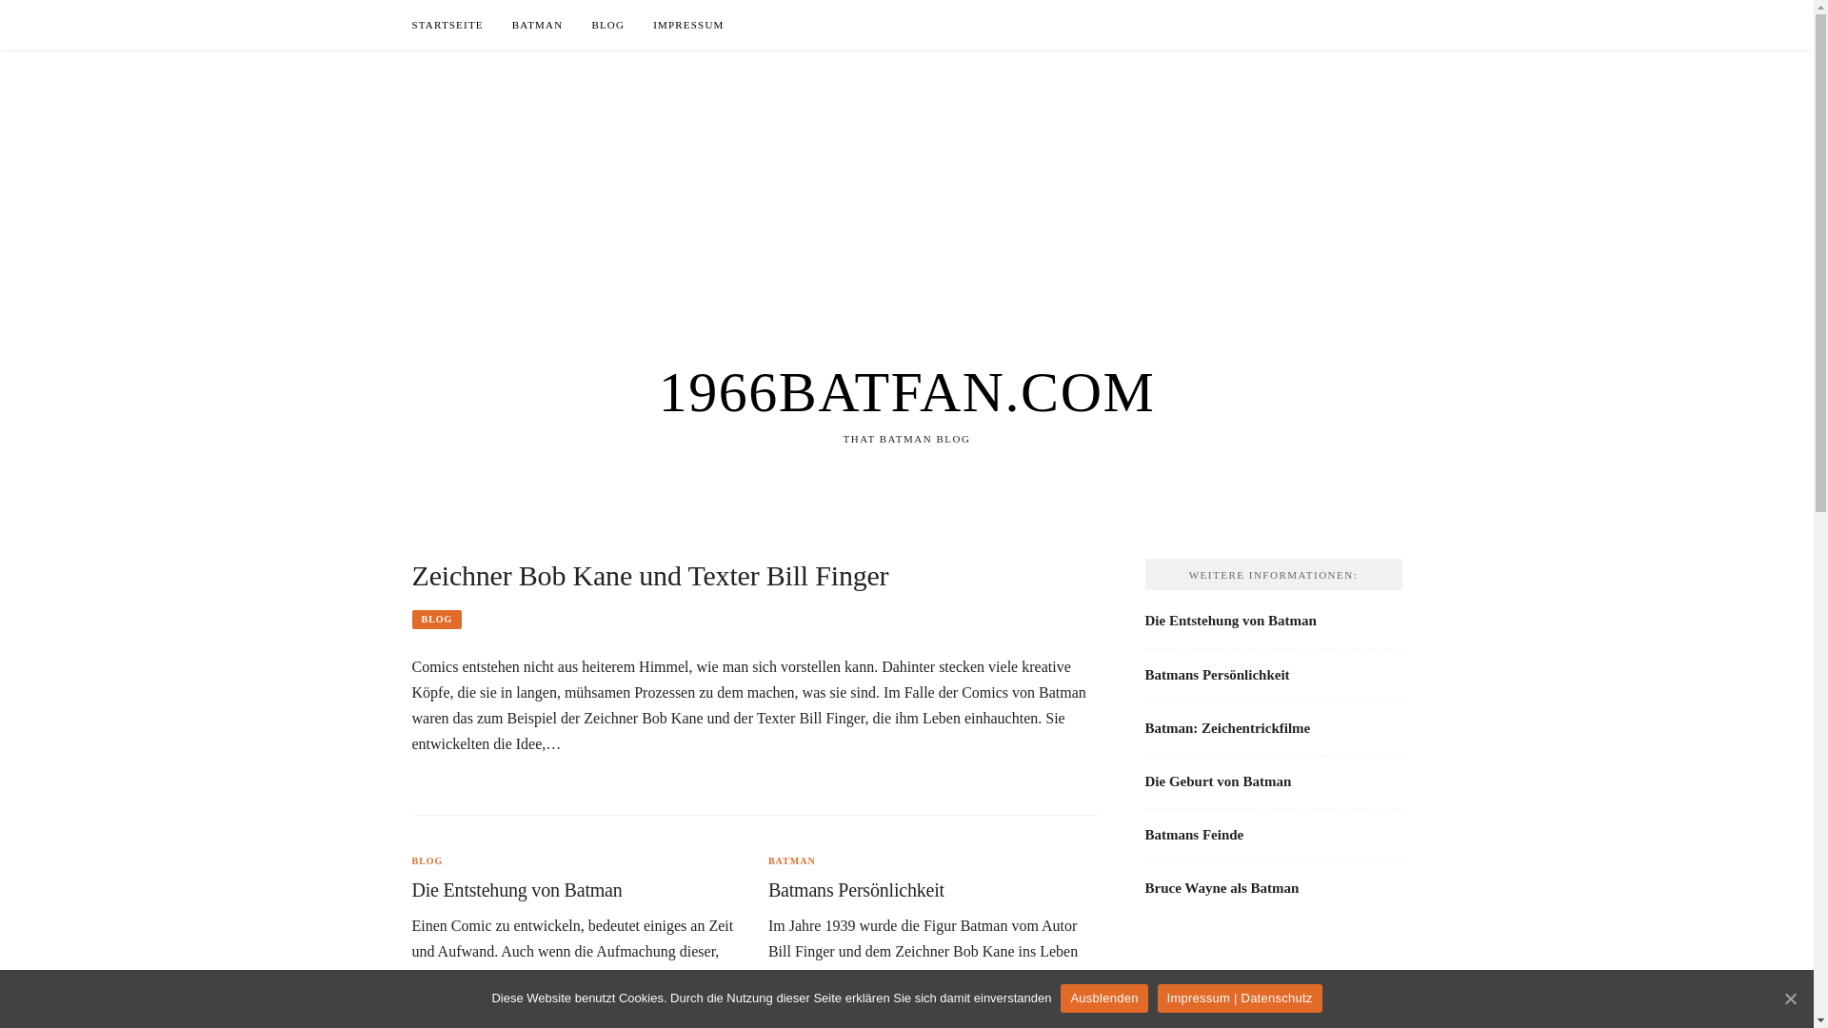  I want to click on 'Die Geburt von Batman', so click(1216, 781).